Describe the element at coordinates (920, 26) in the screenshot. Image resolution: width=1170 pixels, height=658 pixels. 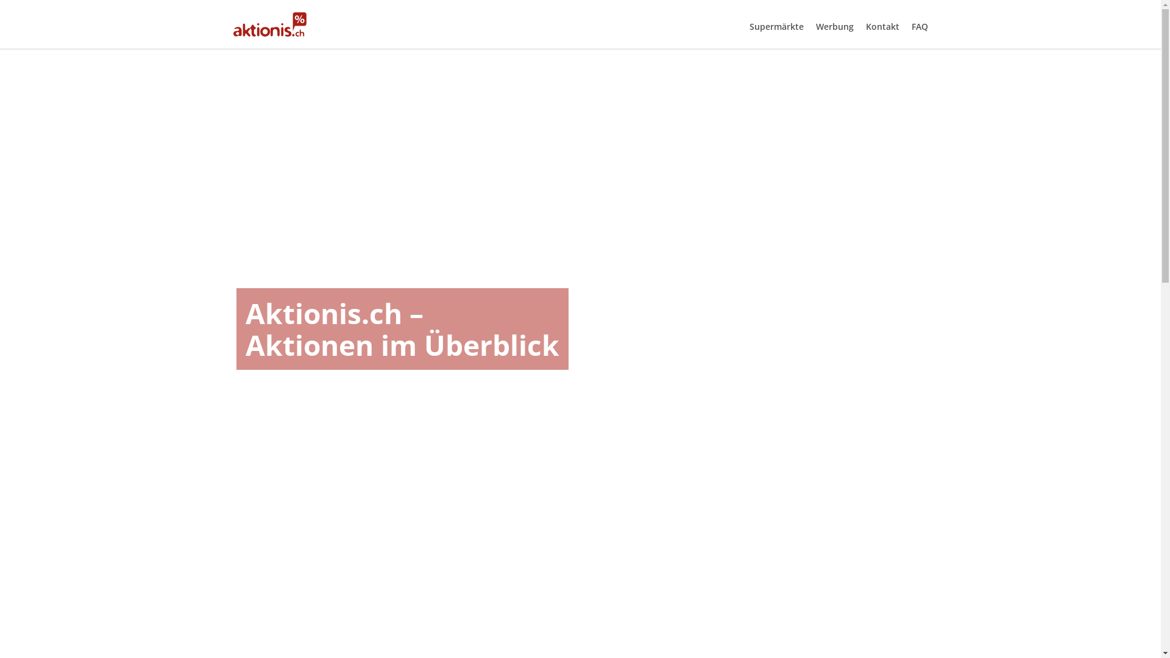
I see `'FAQ'` at that location.